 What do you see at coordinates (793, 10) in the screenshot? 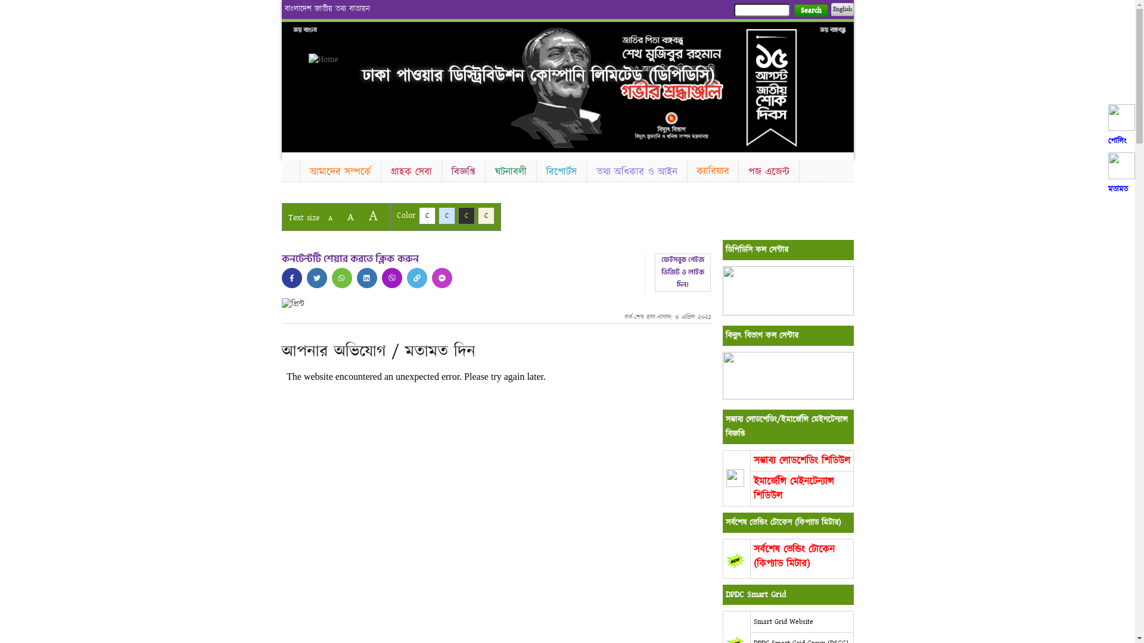
I see `'Search'` at bounding box center [793, 10].